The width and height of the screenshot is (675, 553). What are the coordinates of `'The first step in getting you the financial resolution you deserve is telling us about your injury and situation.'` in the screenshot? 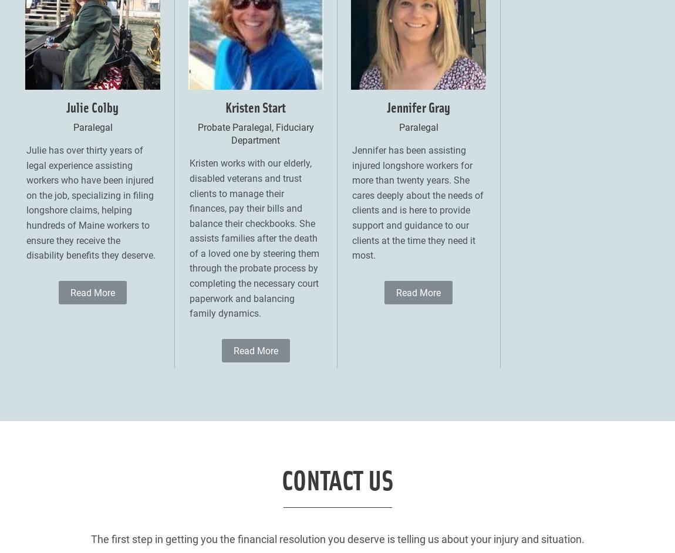 It's located at (337, 538).